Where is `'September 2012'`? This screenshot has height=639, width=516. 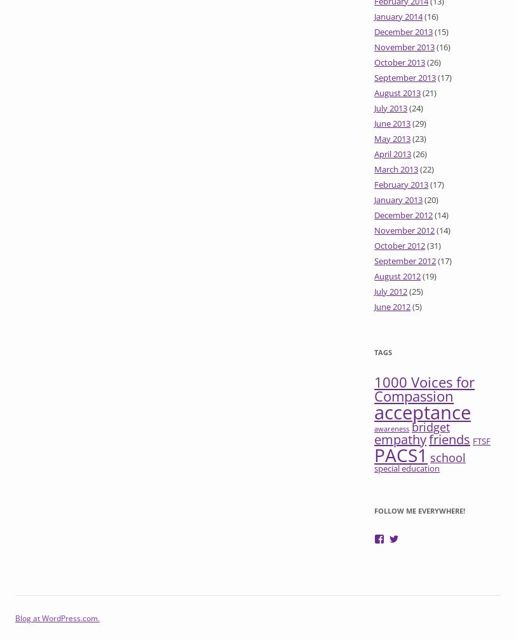
'September 2012' is located at coordinates (405, 260).